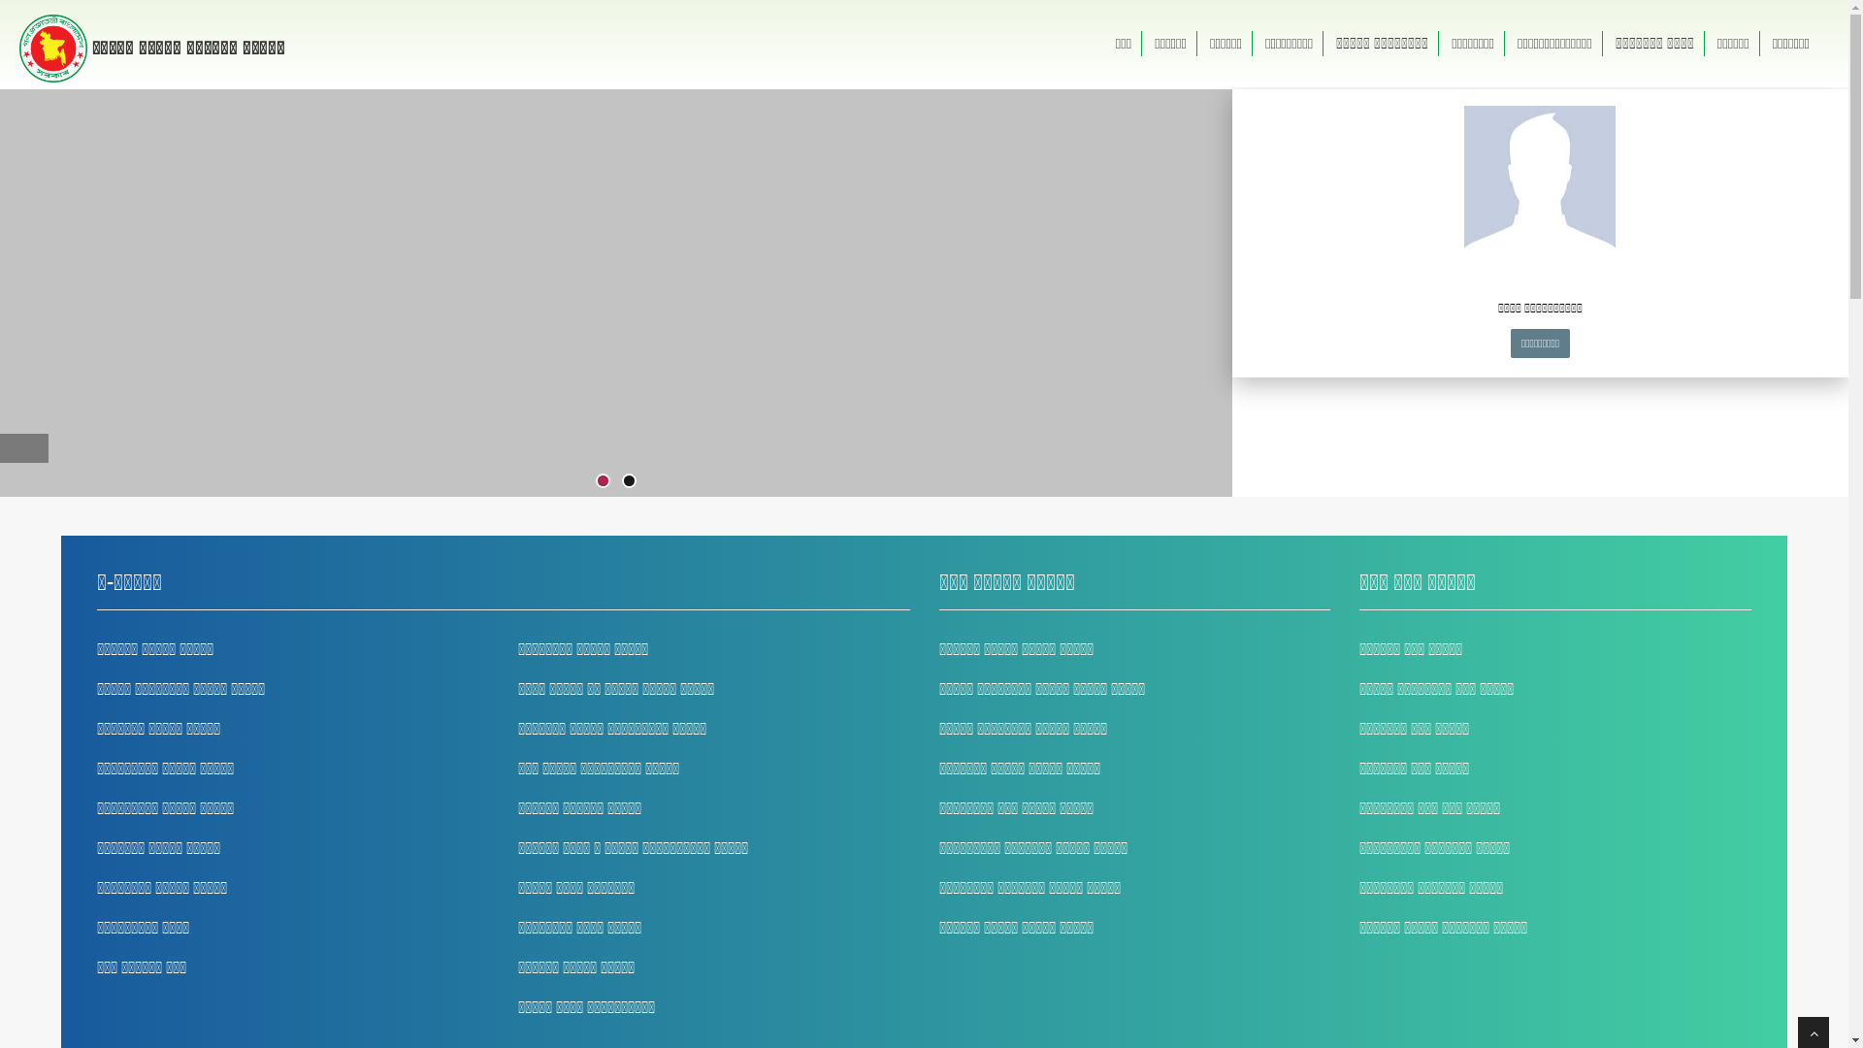 The image size is (1863, 1048). I want to click on '1', so click(602, 480).